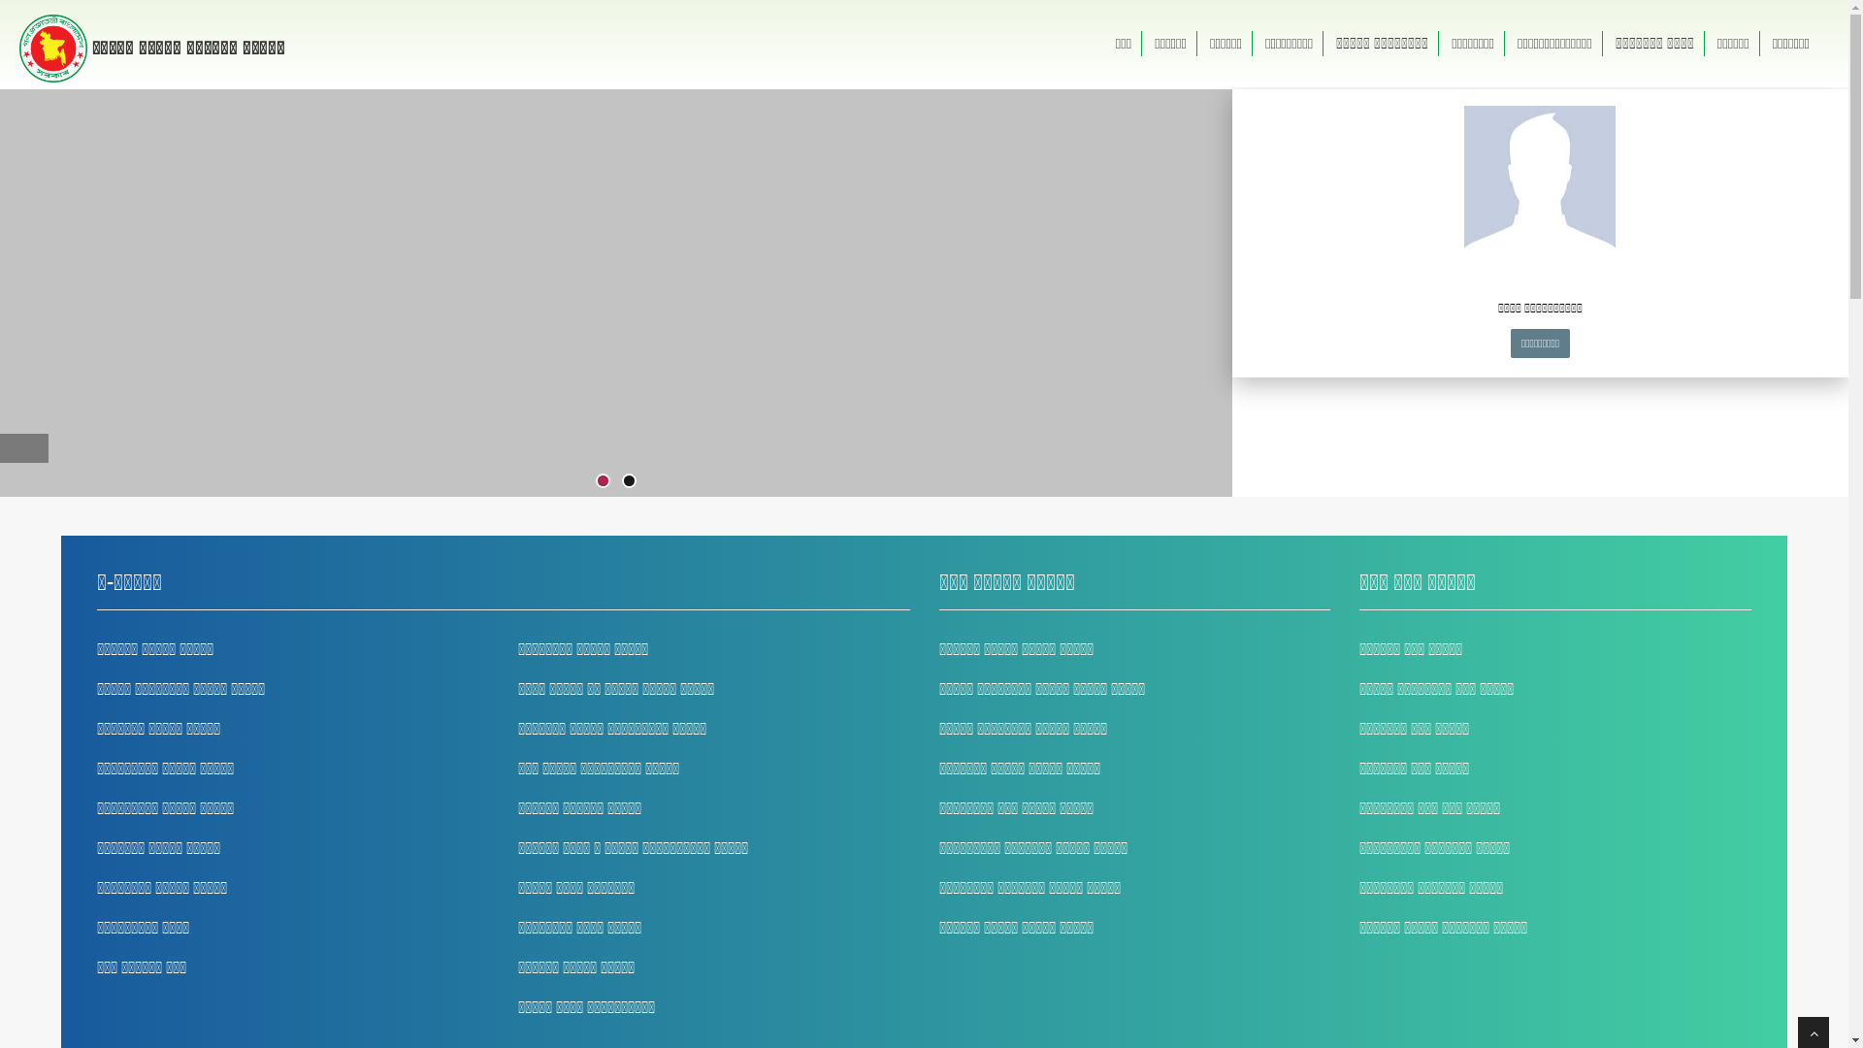 The image size is (1863, 1048). I want to click on '1', so click(602, 480).